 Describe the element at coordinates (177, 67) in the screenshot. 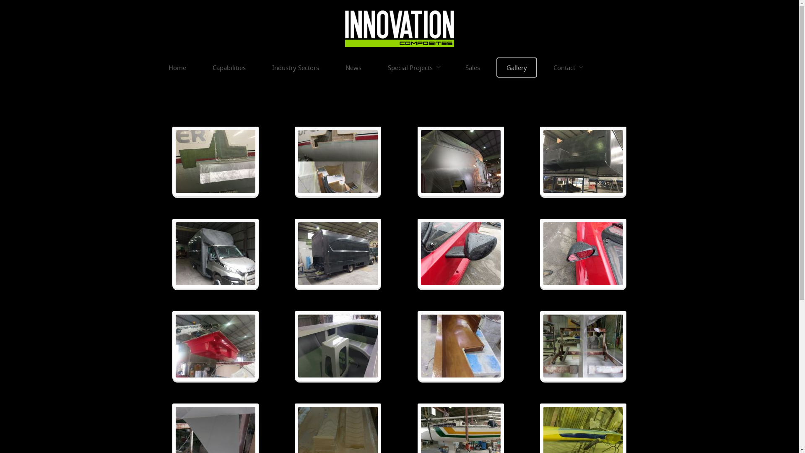

I see `'Home'` at that location.